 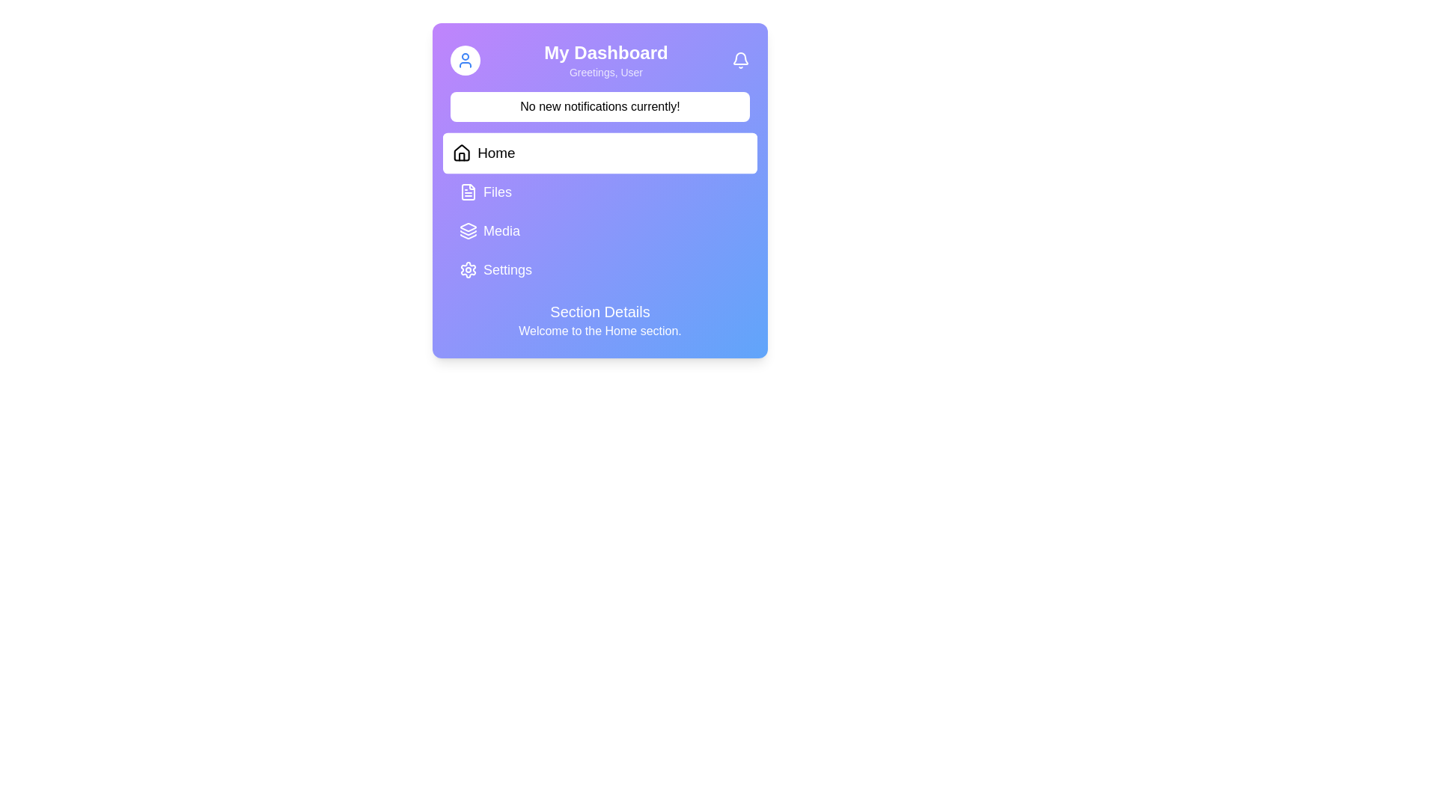 What do you see at coordinates (461, 153) in the screenshot?
I see `the house outline icon, which is part of the home section in the vertical menu located within a card-like interface` at bounding box center [461, 153].